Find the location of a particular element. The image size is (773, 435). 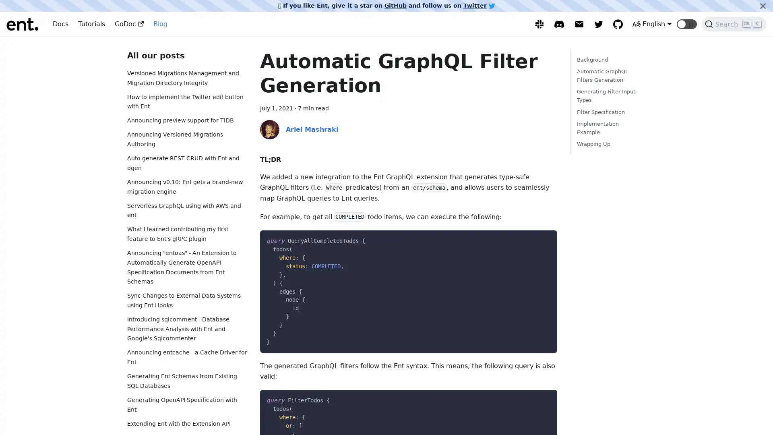

Copy code to clipboard is located at coordinates (544, 239).